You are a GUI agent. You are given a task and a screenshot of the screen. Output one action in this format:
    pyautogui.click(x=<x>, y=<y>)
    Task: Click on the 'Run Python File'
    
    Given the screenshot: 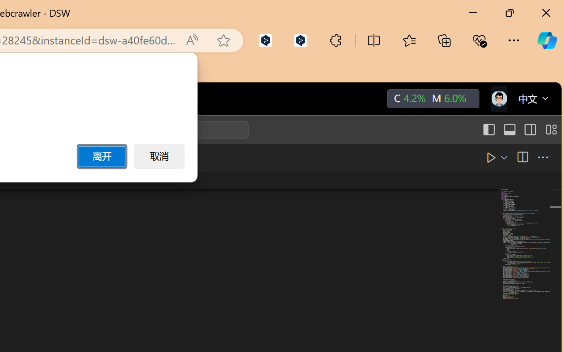 What is the action you would take?
    pyautogui.click(x=470, y=157)
    